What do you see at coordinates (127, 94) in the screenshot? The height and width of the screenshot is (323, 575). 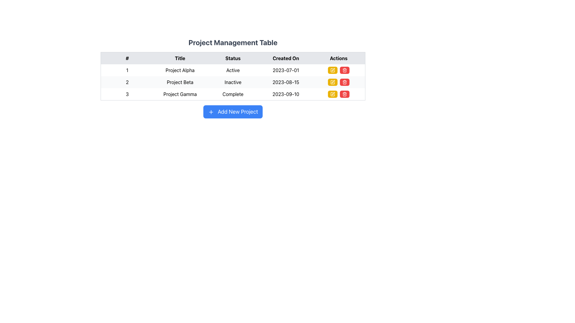 I see `the Text Label displaying the row number in the first column of the last row of the project management table, located directly above the 'Add New Project' button` at bounding box center [127, 94].